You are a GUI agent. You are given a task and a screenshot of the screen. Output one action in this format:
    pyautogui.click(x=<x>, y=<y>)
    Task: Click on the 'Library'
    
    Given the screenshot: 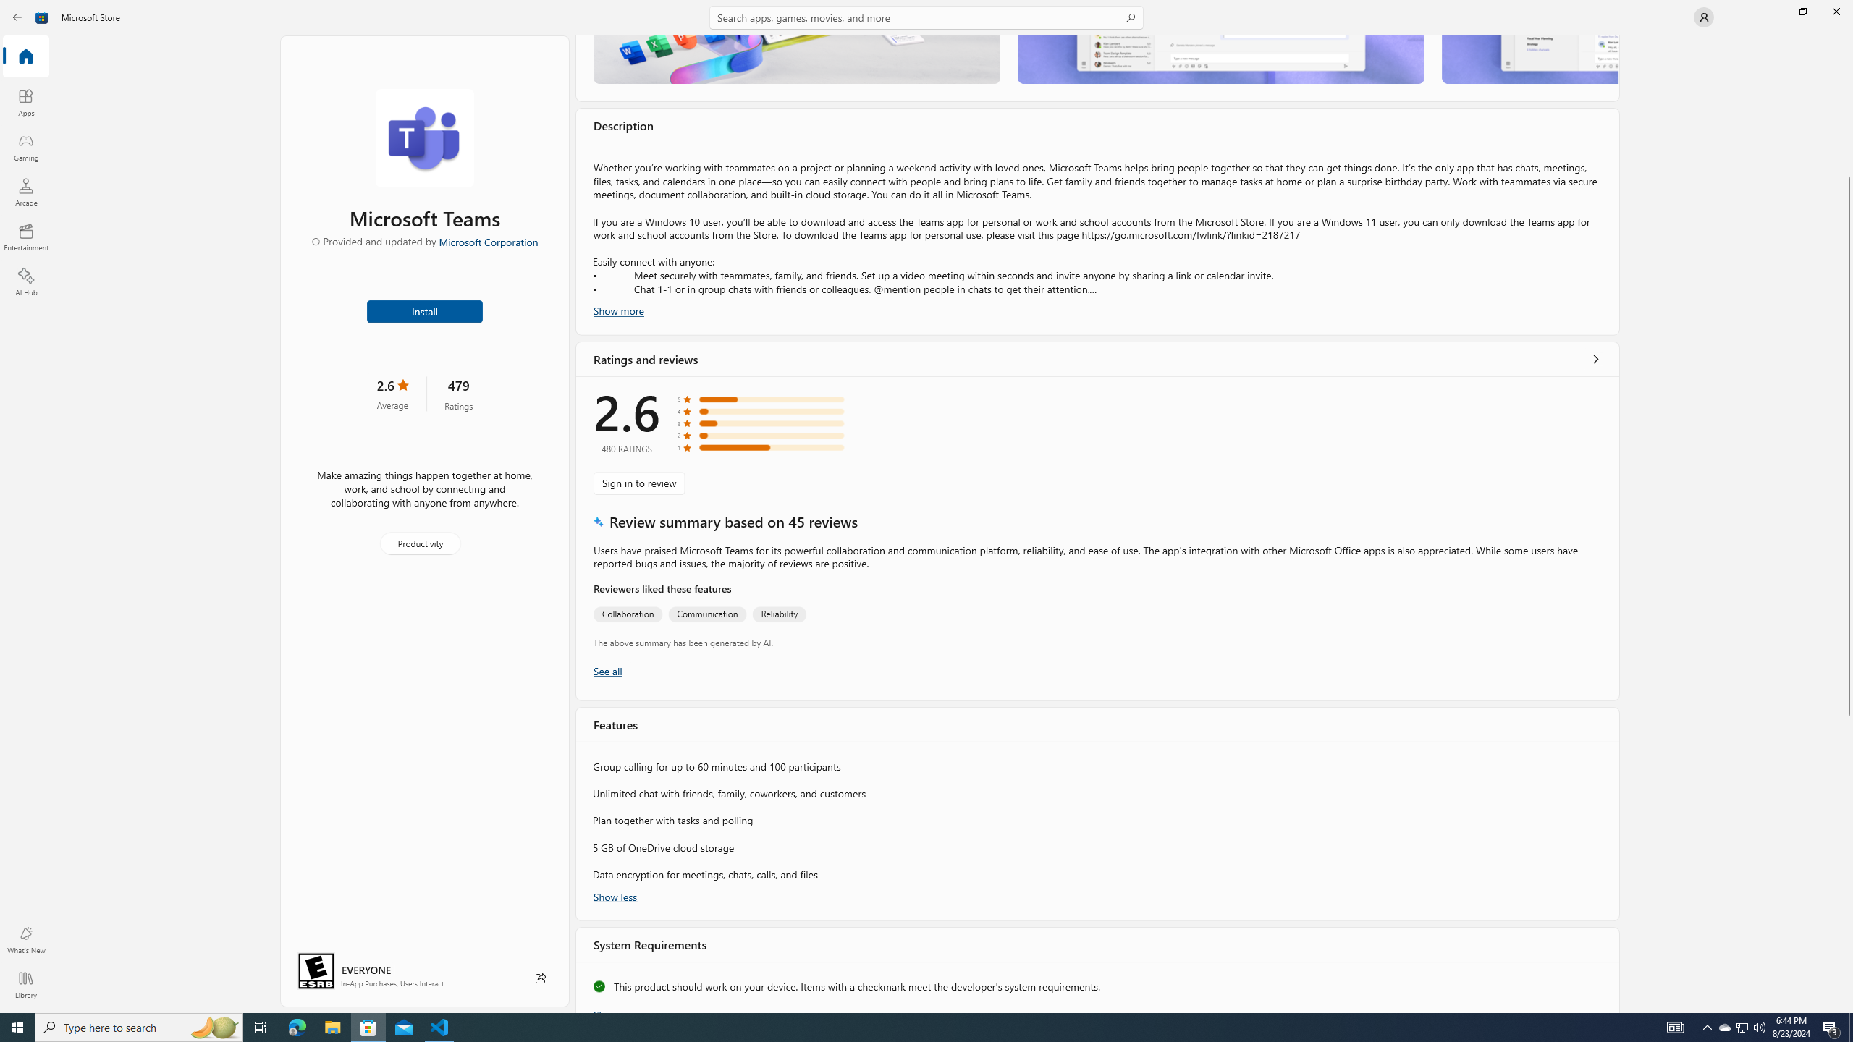 What is the action you would take?
    pyautogui.click(x=25, y=984)
    